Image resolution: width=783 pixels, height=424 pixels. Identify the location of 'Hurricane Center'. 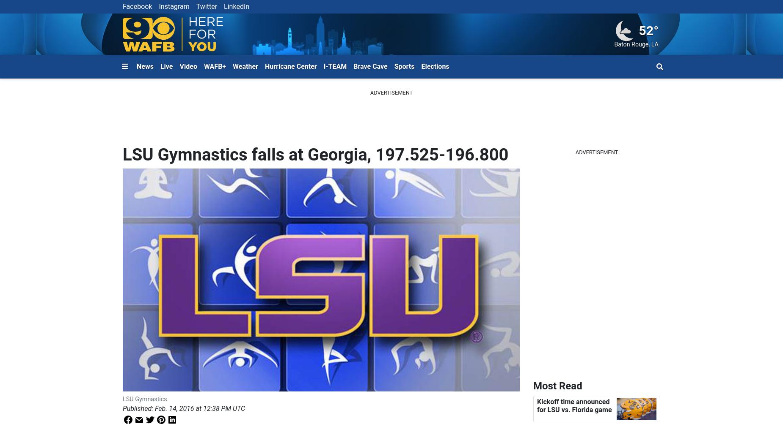
(290, 65).